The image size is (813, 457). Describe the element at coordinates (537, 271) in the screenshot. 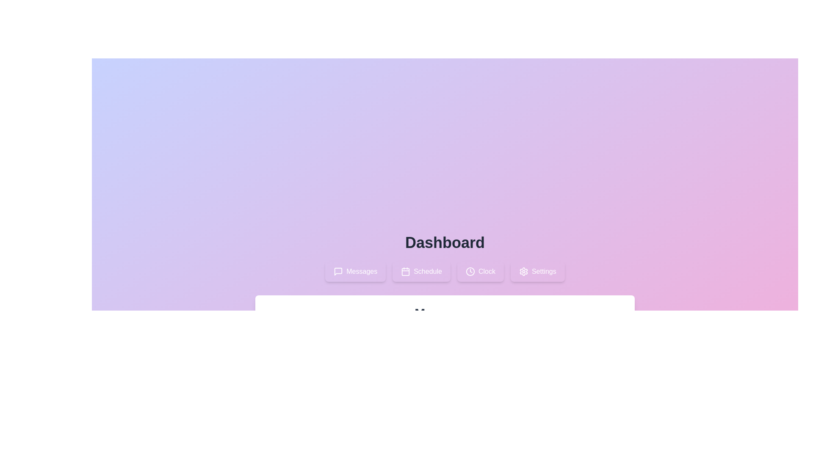

I see `the Settings tab by clicking on it` at that location.